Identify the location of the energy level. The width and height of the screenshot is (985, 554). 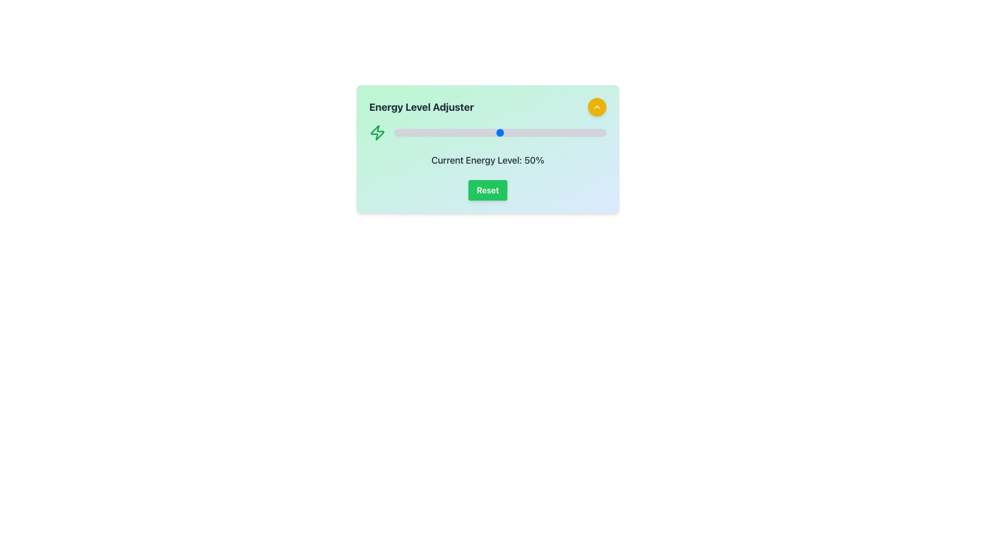
(546, 132).